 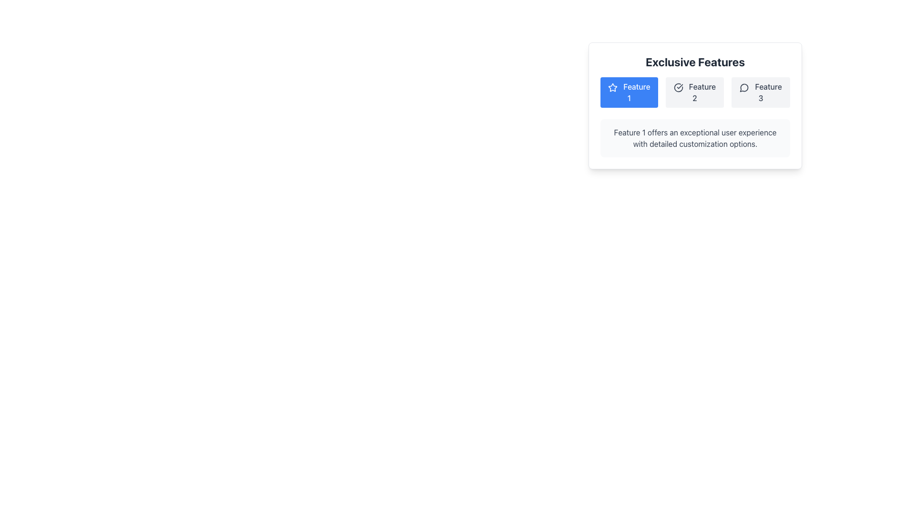 What do you see at coordinates (695, 138) in the screenshot?
I see `the Text block that provides descriptive information related to the selected feature, positioned below the 'Exclusive Features' header and under the 'Feature 1' button` at bounding box center [695, 138].